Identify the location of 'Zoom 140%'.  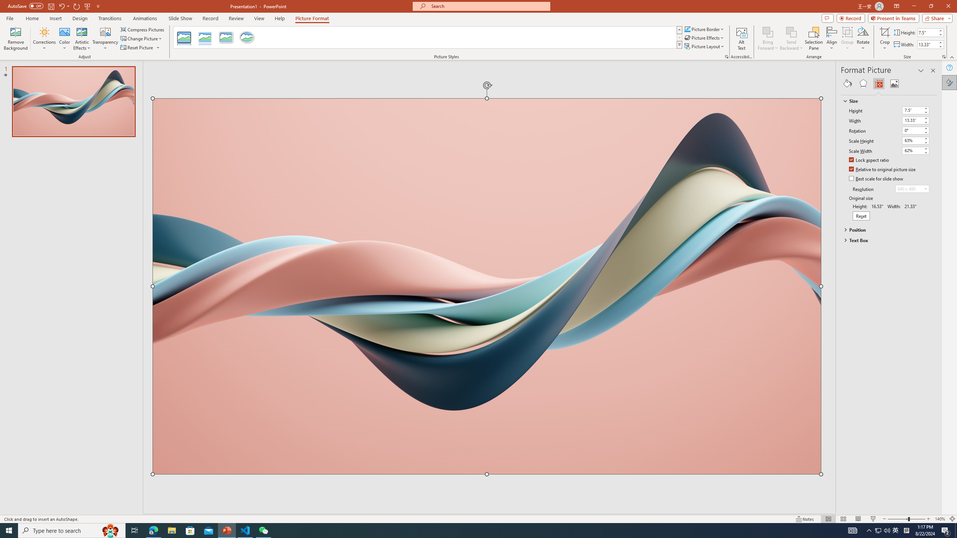
(940, 519).